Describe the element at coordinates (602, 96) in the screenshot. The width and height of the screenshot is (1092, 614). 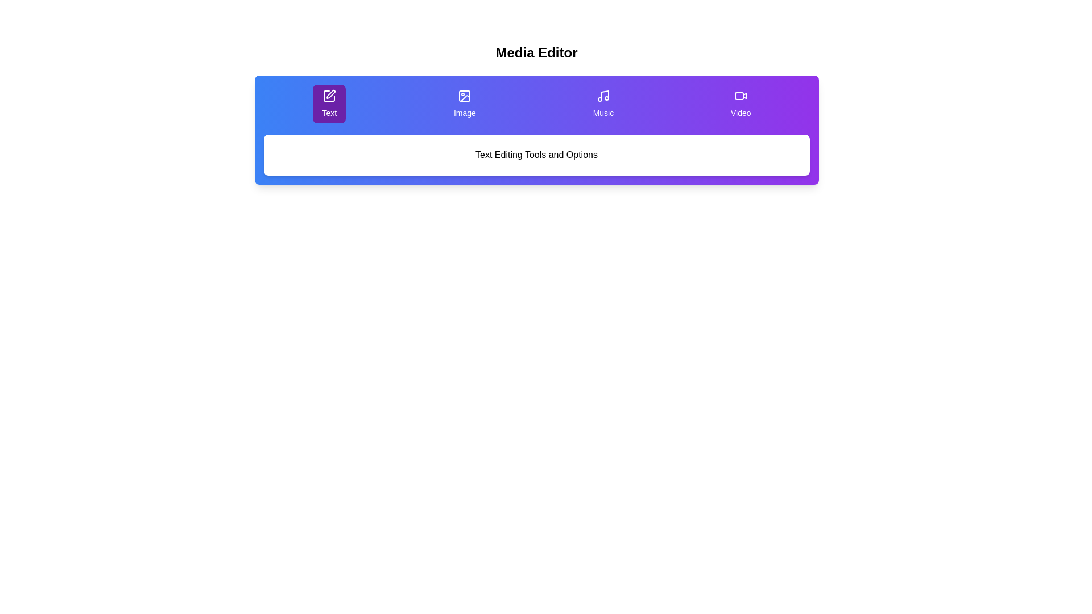
I see `the audio-related icon located in the 'Music' section of the horizontal navigation bar, positioned between the 'Image' and 'Video' sections` at that location.